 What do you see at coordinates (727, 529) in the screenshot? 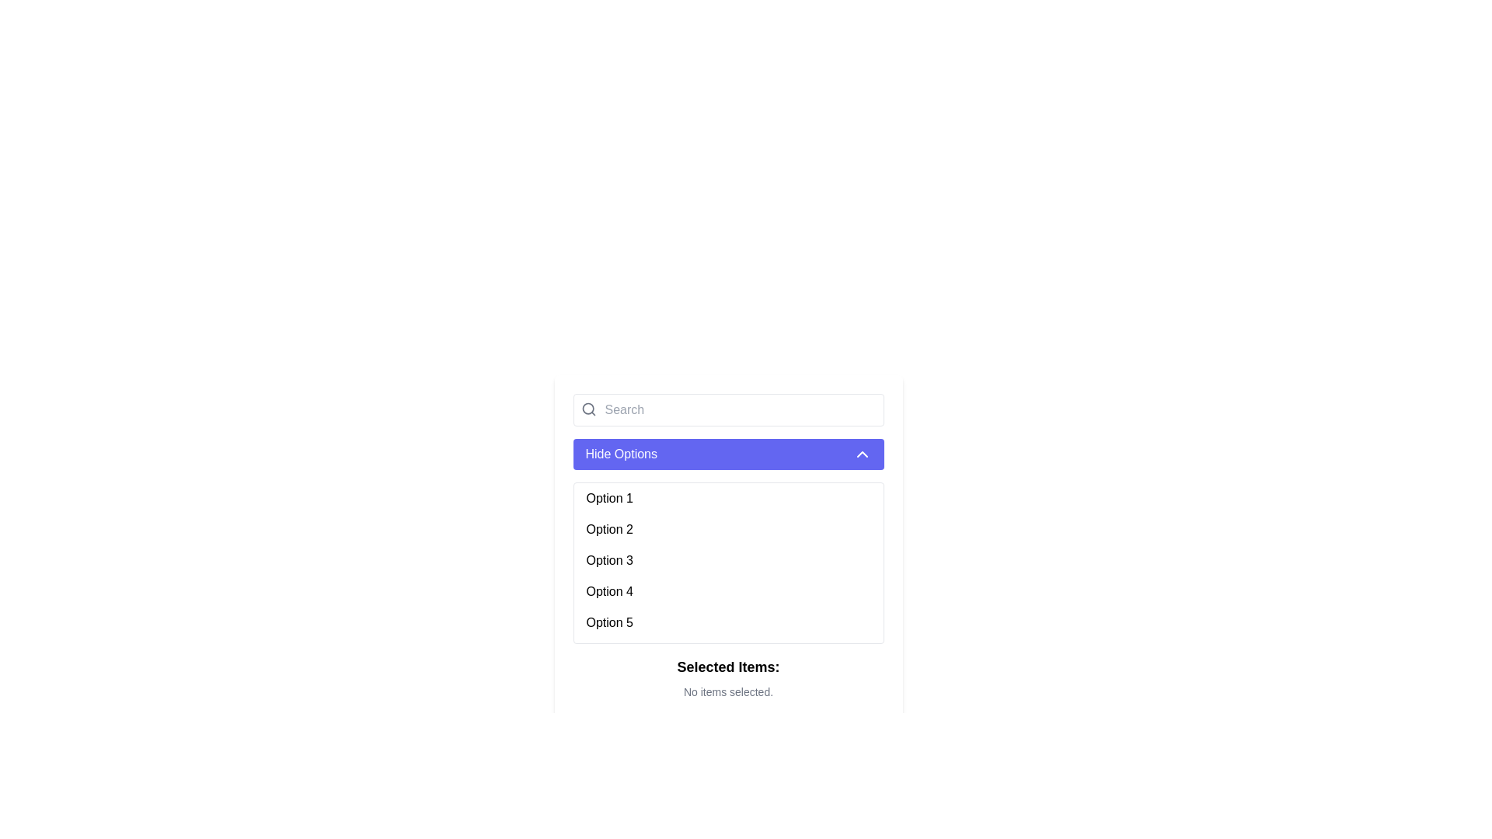
I see `the second option in the dropdown menu` at bounding box center [727, 529].